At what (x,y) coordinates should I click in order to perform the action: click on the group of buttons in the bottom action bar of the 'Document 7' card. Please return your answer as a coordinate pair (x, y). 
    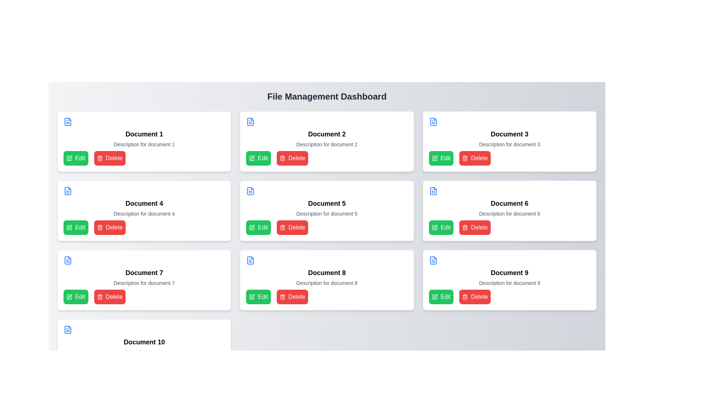
    Looking at the image, I should click on (144, 297).